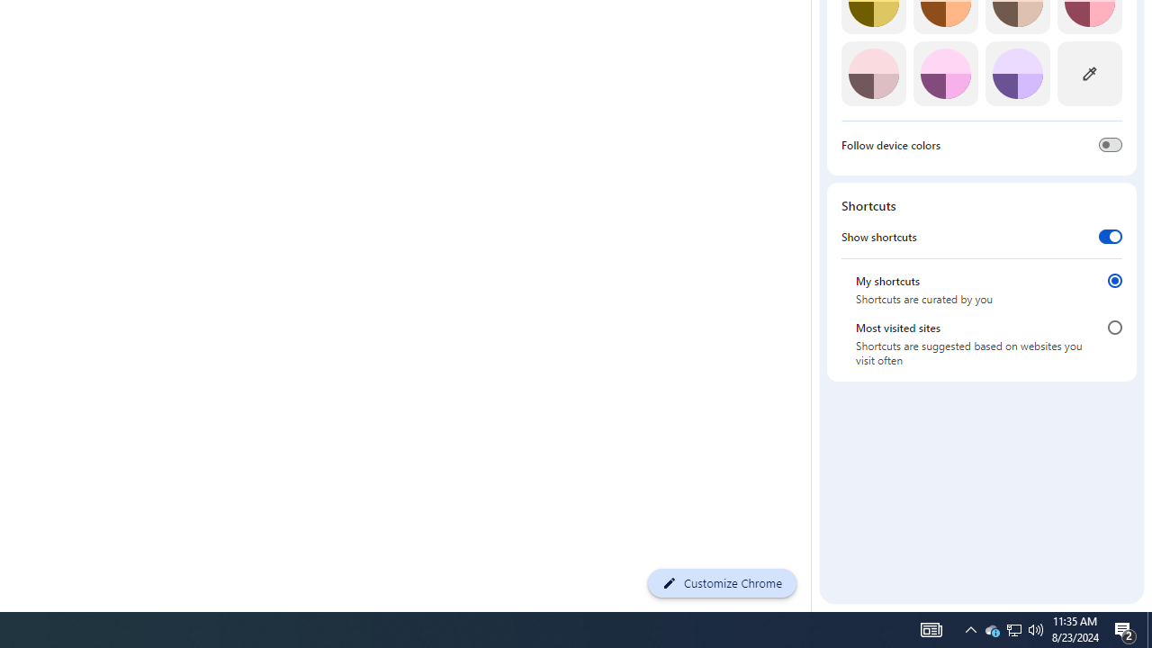 The image size is (1152, 648). Describe the element at coordinates (1114, 327) in the screenshot. I see `'Most visited sites'` at that location.